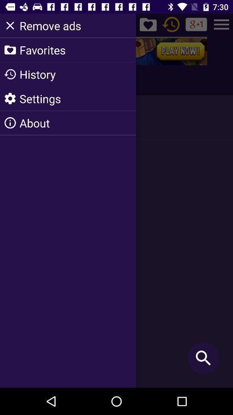 This screenshot has width=233, height=415. Describe the element at coordinates (171, 24) in the screenshot. I see `the history icon` at that location.